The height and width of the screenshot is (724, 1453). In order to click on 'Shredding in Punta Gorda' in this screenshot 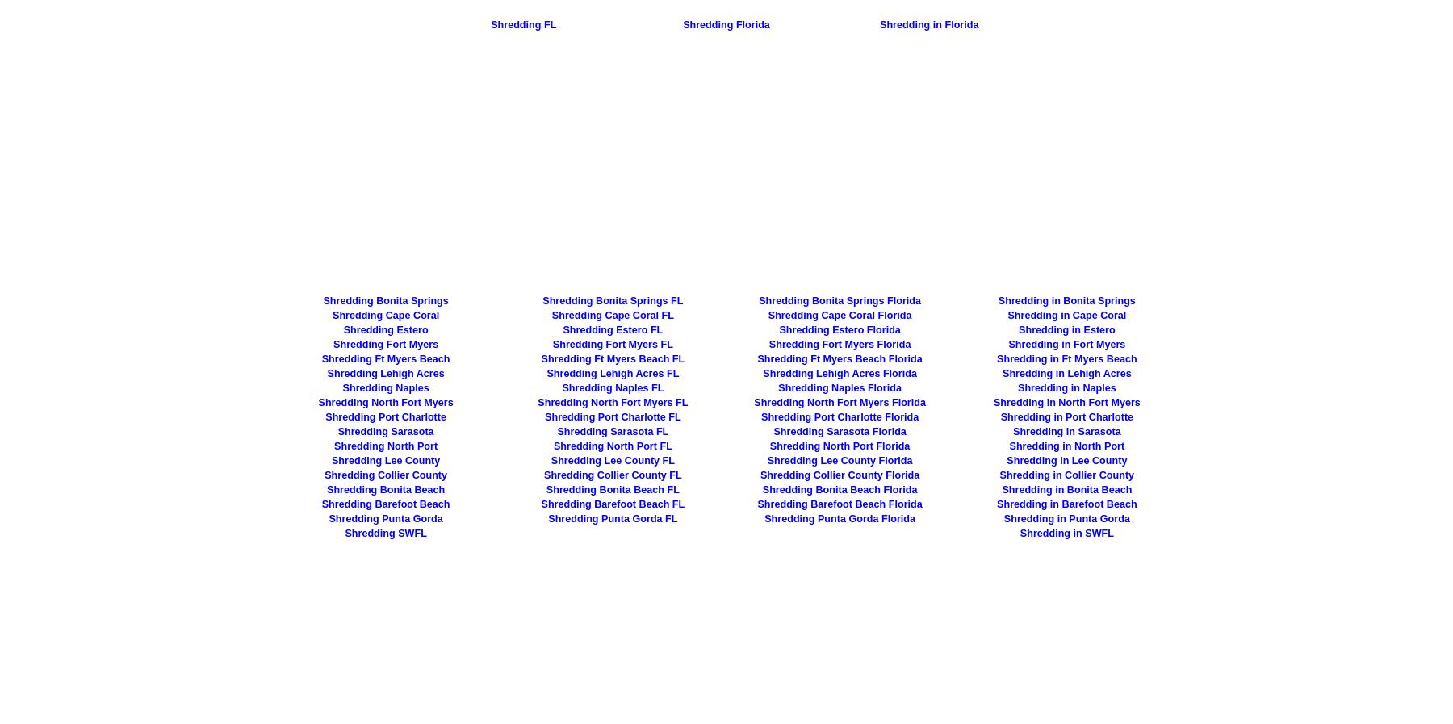, I will do `click(1066, 518)`.